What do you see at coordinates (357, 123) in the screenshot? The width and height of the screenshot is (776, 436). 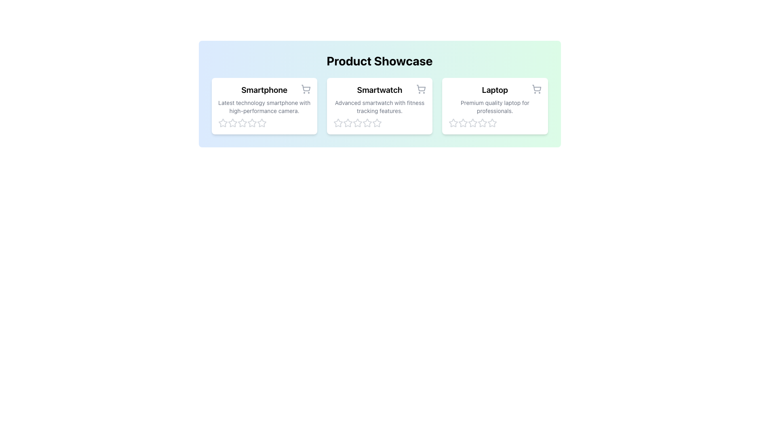 I see `the third star icon in the five-star rating system for the 'Smartwatch' product card, which is centrally aligned under the product details text` at bounding box center [357, 123].